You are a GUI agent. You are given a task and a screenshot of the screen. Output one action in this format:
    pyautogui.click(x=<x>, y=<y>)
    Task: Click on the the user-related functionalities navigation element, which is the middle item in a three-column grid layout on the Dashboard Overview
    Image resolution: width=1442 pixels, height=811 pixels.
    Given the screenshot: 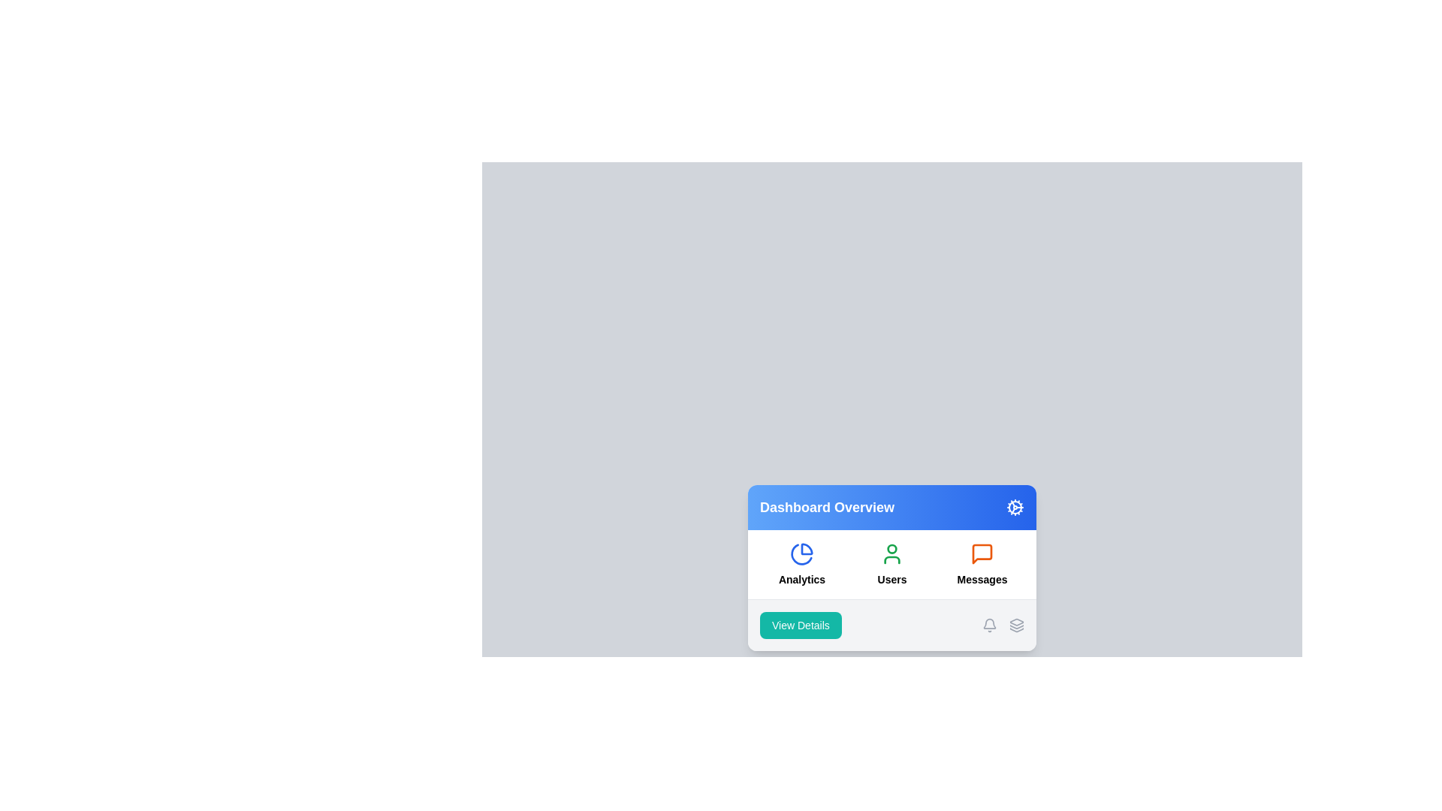 What is the action you would take?
    pyautogui.click(x=892, y=564)
    